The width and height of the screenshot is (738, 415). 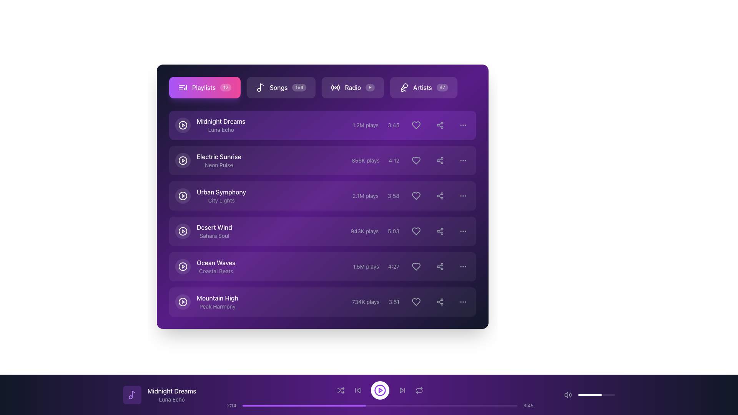 I want to click on the circular share button for the song 'Desert Wind' in the playlist to change its appearance, so click(x=440, y=231).